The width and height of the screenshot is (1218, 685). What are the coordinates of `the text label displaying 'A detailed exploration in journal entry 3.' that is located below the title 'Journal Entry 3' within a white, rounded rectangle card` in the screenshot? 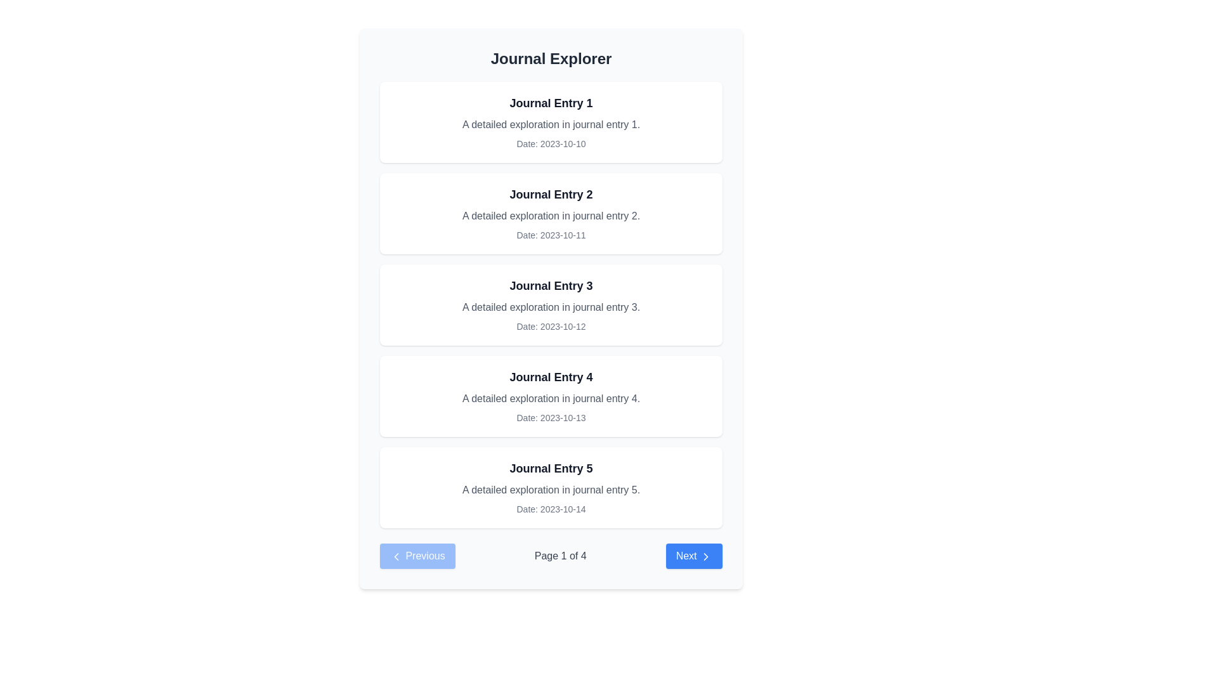 It's located at (551, 308).